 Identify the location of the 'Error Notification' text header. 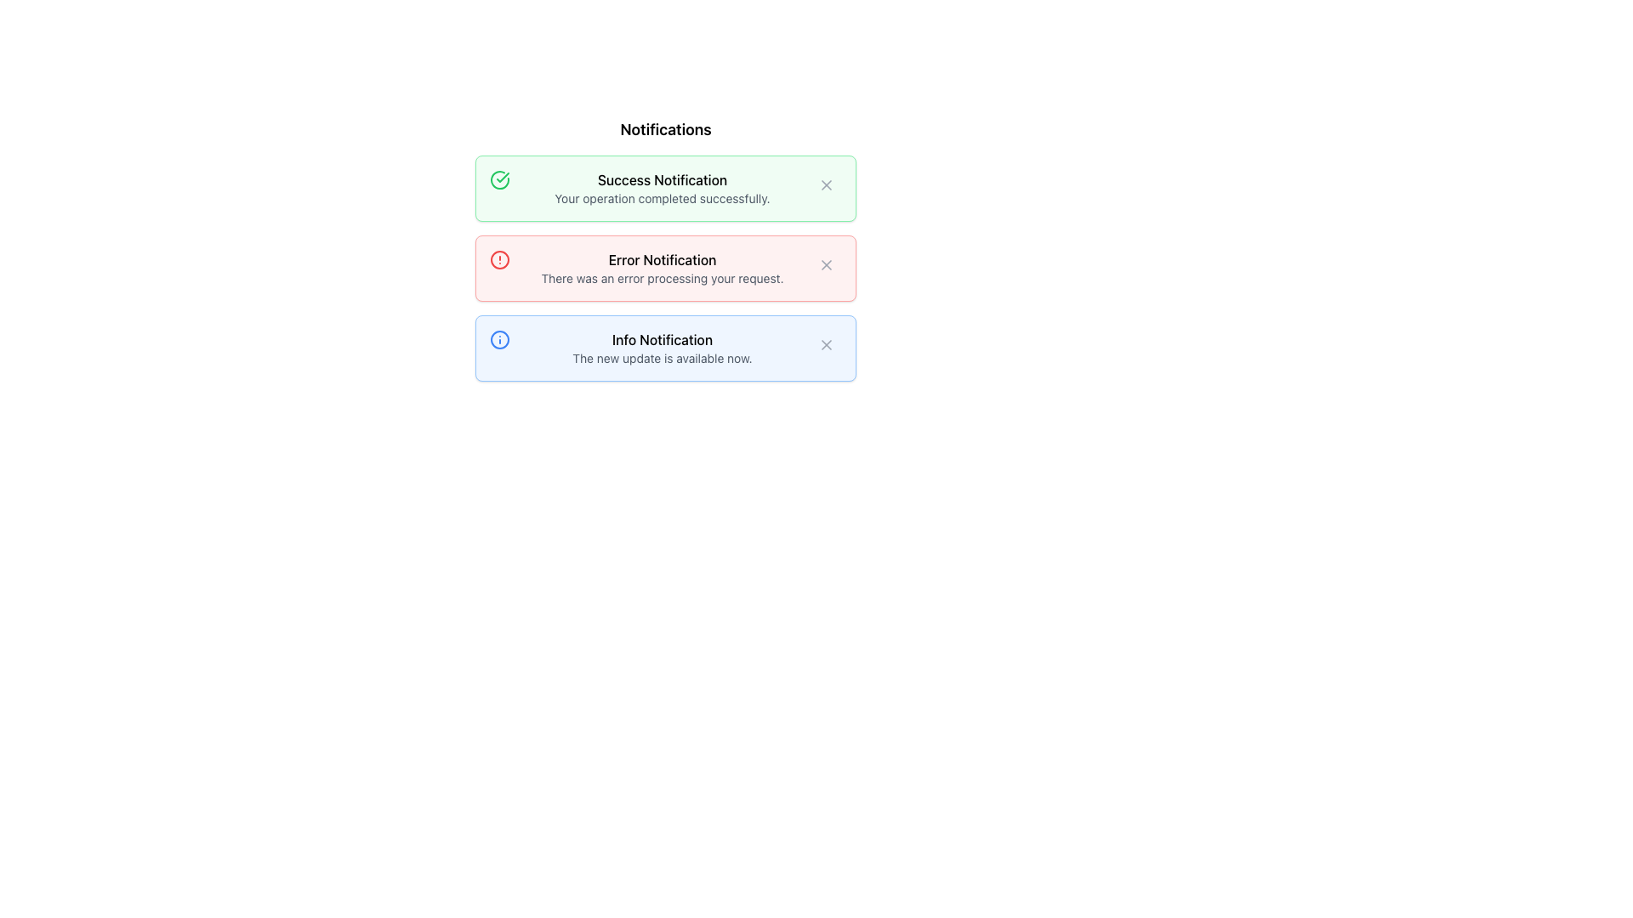
(661, 259).